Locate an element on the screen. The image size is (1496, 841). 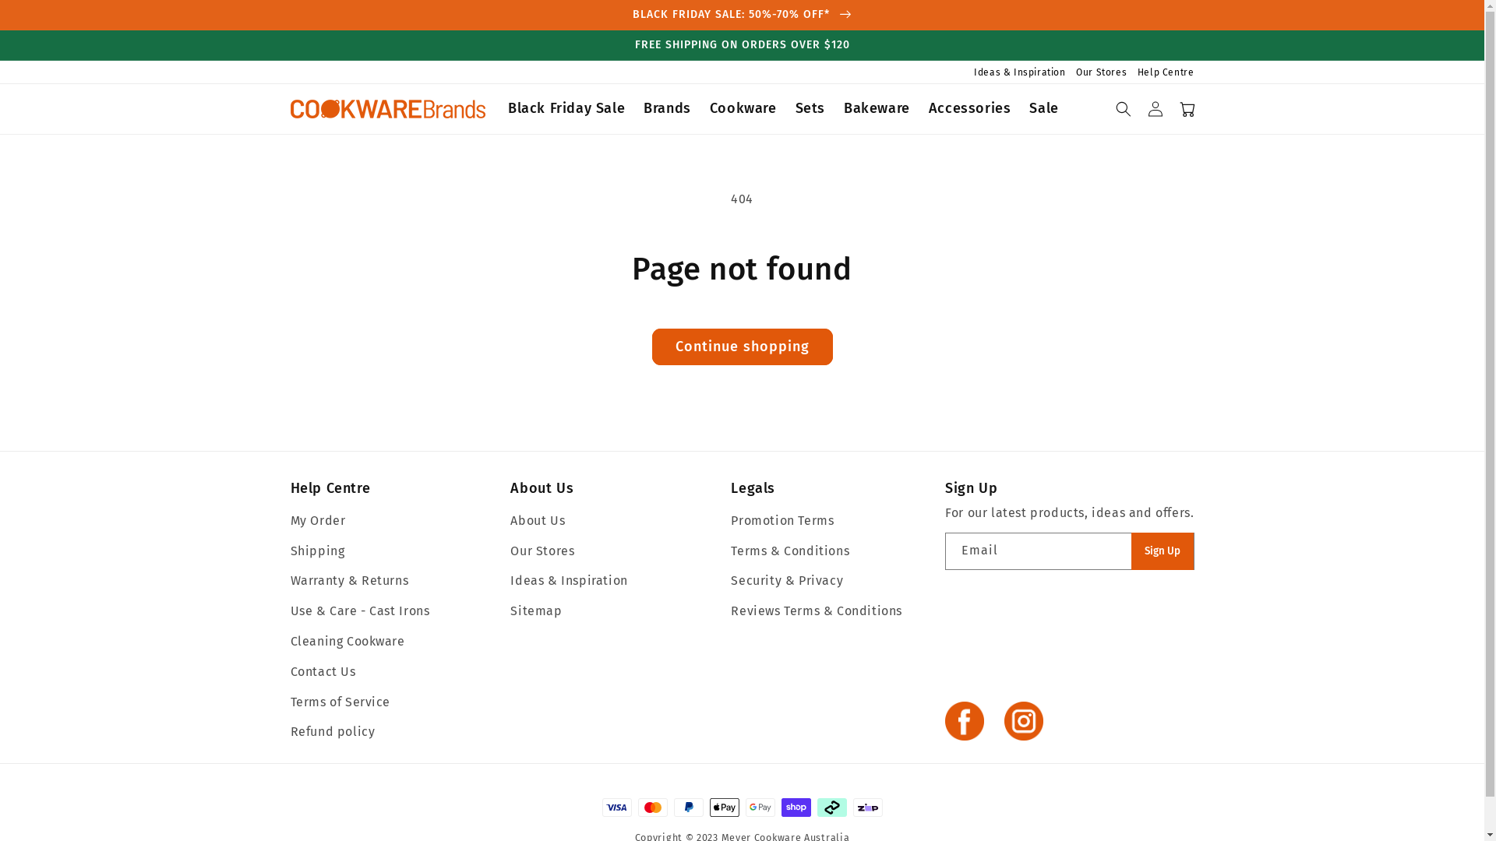
'Use & Care - Cast Irons' is located at coordinates (290, 611).